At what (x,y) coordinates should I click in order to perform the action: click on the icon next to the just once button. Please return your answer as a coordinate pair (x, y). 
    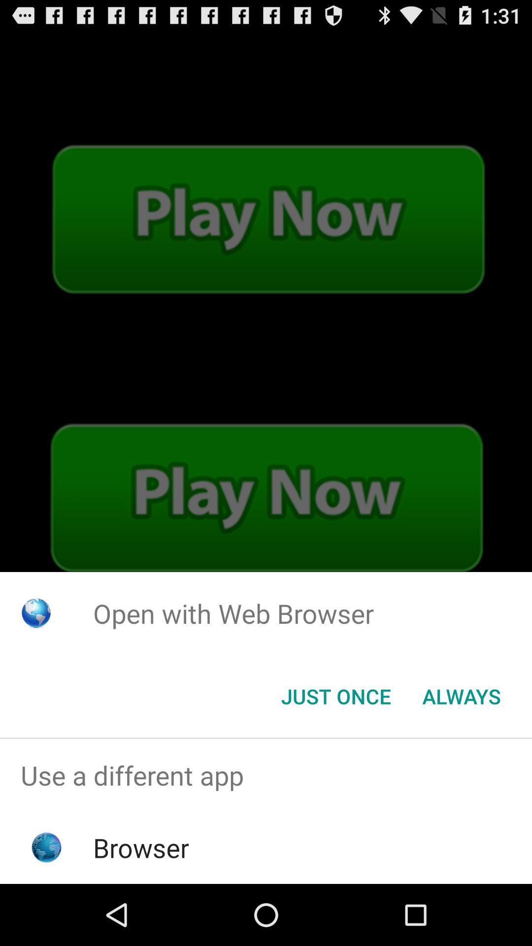
    Looking at the image, I should click on (462, 695).